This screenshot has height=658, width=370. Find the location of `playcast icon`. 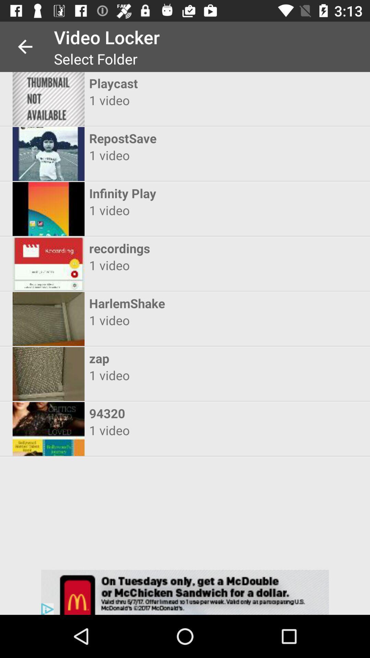

playcast icon is located at coordinates (178, 83).